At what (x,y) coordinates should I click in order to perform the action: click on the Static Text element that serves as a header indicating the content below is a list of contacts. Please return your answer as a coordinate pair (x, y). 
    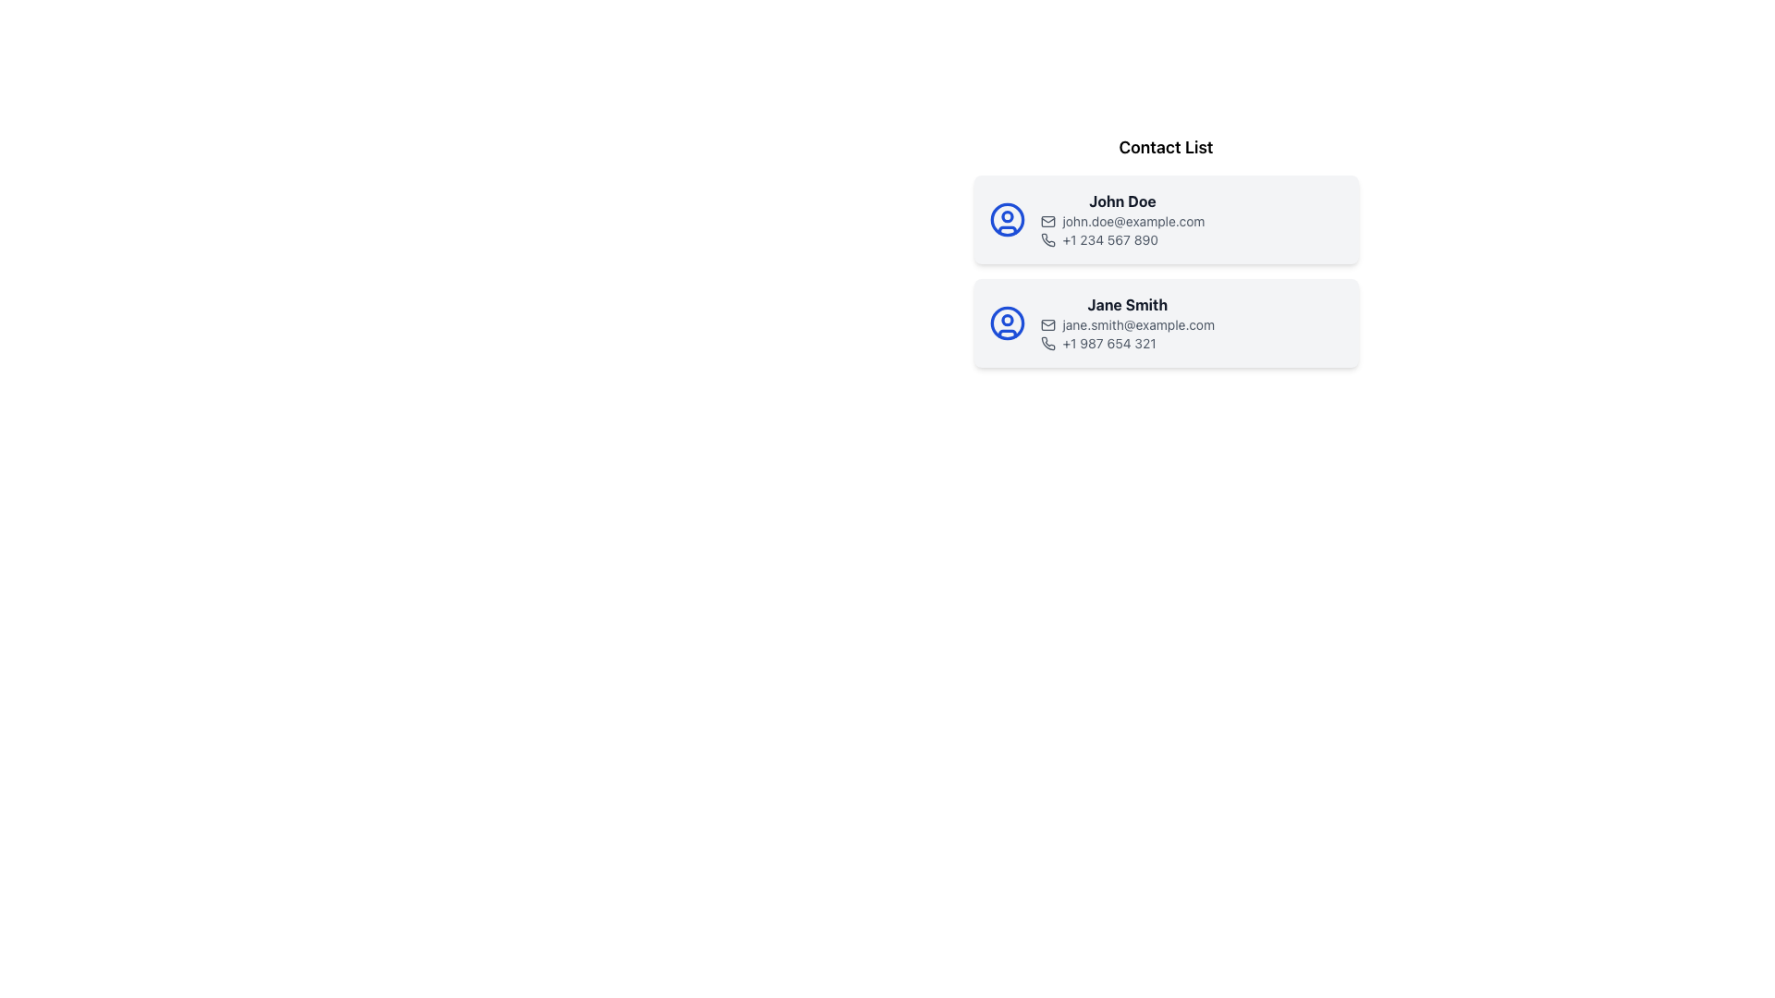
    Looking at the image, I should click on (1165, 146).